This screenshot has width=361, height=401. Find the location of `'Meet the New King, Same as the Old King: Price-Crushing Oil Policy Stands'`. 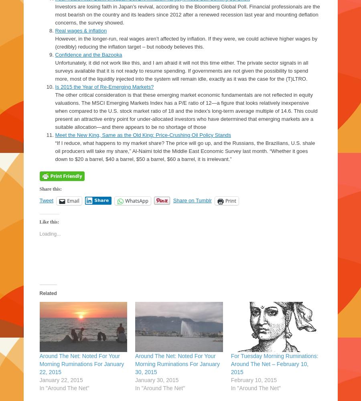

'Meet the New King, Same as the Old King: Price-Crushing Oil Policy Stands' is located at coordinates (55, 135).